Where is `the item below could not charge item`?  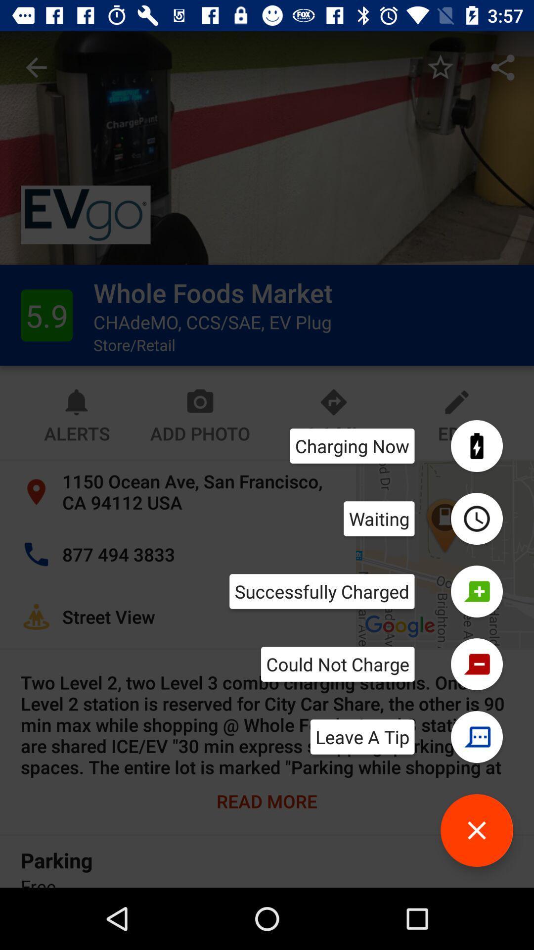
the item below could not charge item is located at coordinates (362, 737).